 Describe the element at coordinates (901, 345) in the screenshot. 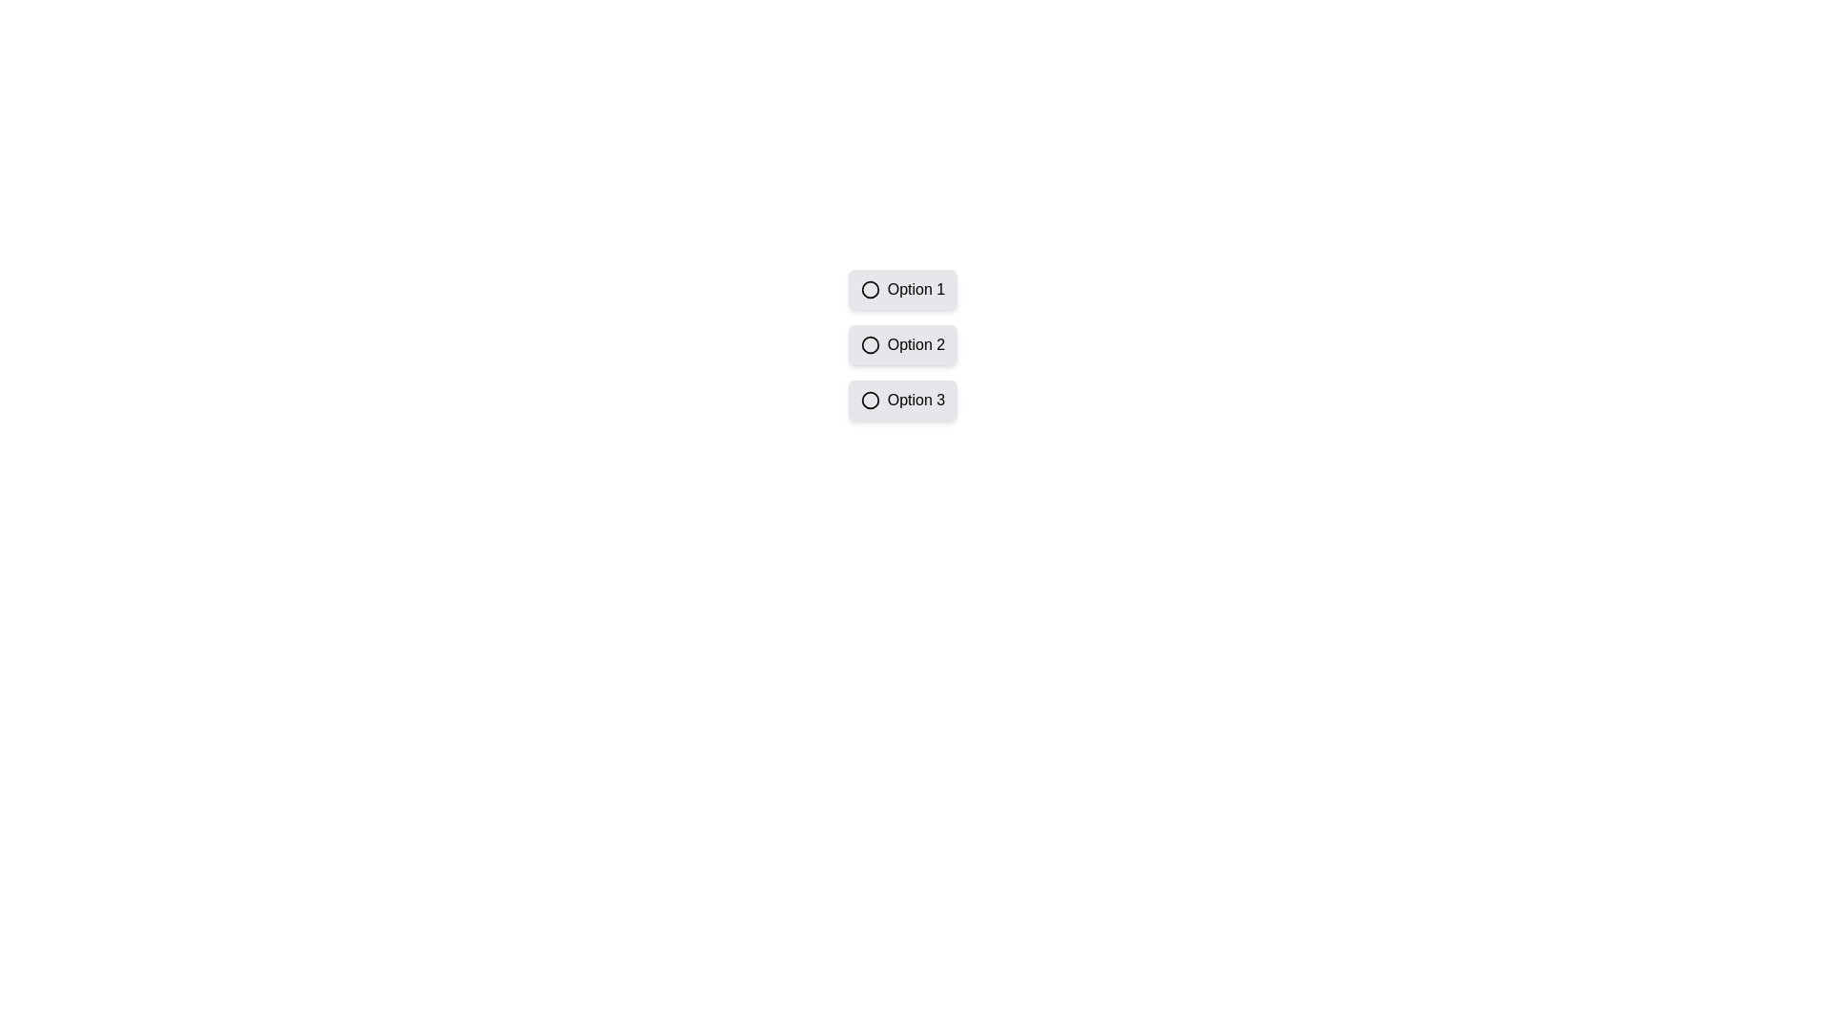

I see `the second radio button labeled 'Option 2' in a vertical stack of three options` at that location.